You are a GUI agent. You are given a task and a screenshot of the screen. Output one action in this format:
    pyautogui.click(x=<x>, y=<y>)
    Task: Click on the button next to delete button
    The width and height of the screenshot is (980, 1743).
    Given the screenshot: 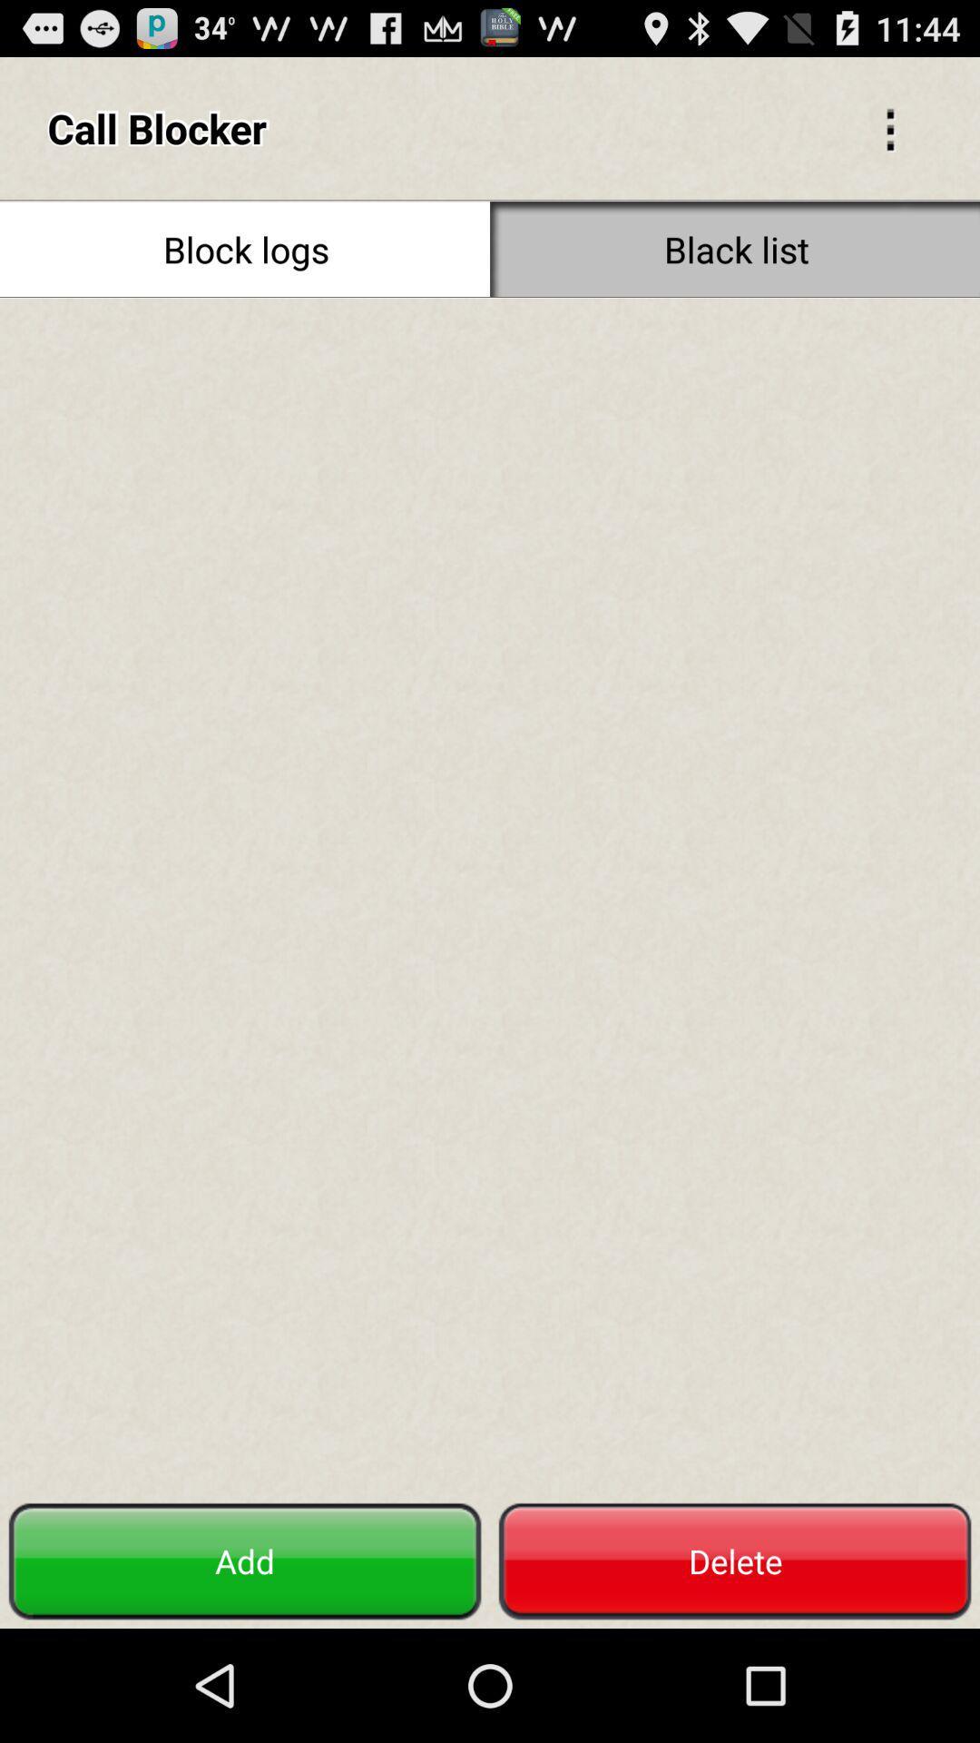 What is the action you would take?
    pyautogui.click(x=245, y=1561)
    